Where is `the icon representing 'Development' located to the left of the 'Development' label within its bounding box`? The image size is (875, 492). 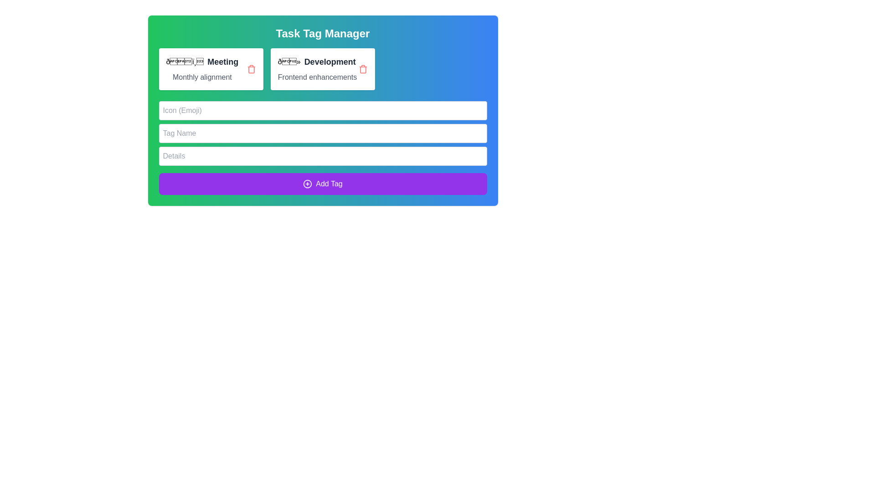
the icon representing 'Development' located to the left of the 'Development' label within its bounding box is located at coordinates (288, 61).